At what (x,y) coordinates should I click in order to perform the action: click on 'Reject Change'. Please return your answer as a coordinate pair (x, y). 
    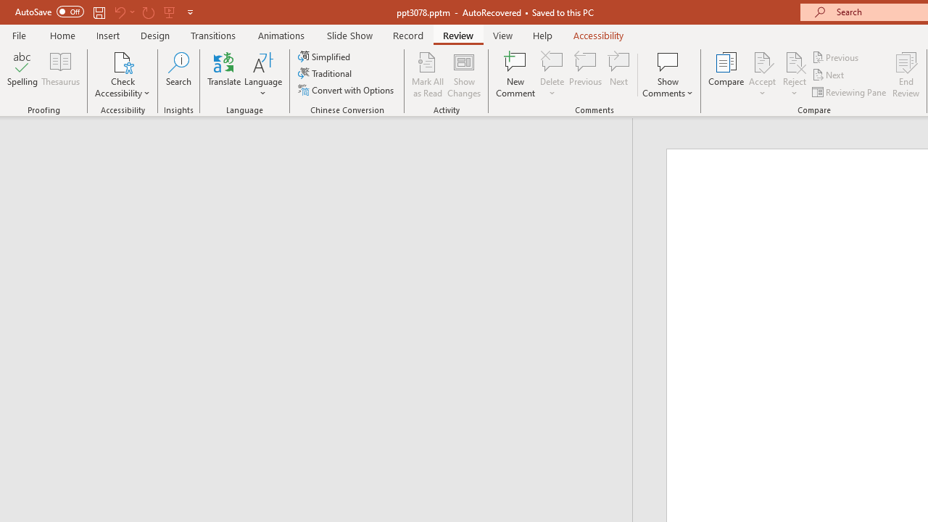
    Looking at the image, I should click on (794, 61).